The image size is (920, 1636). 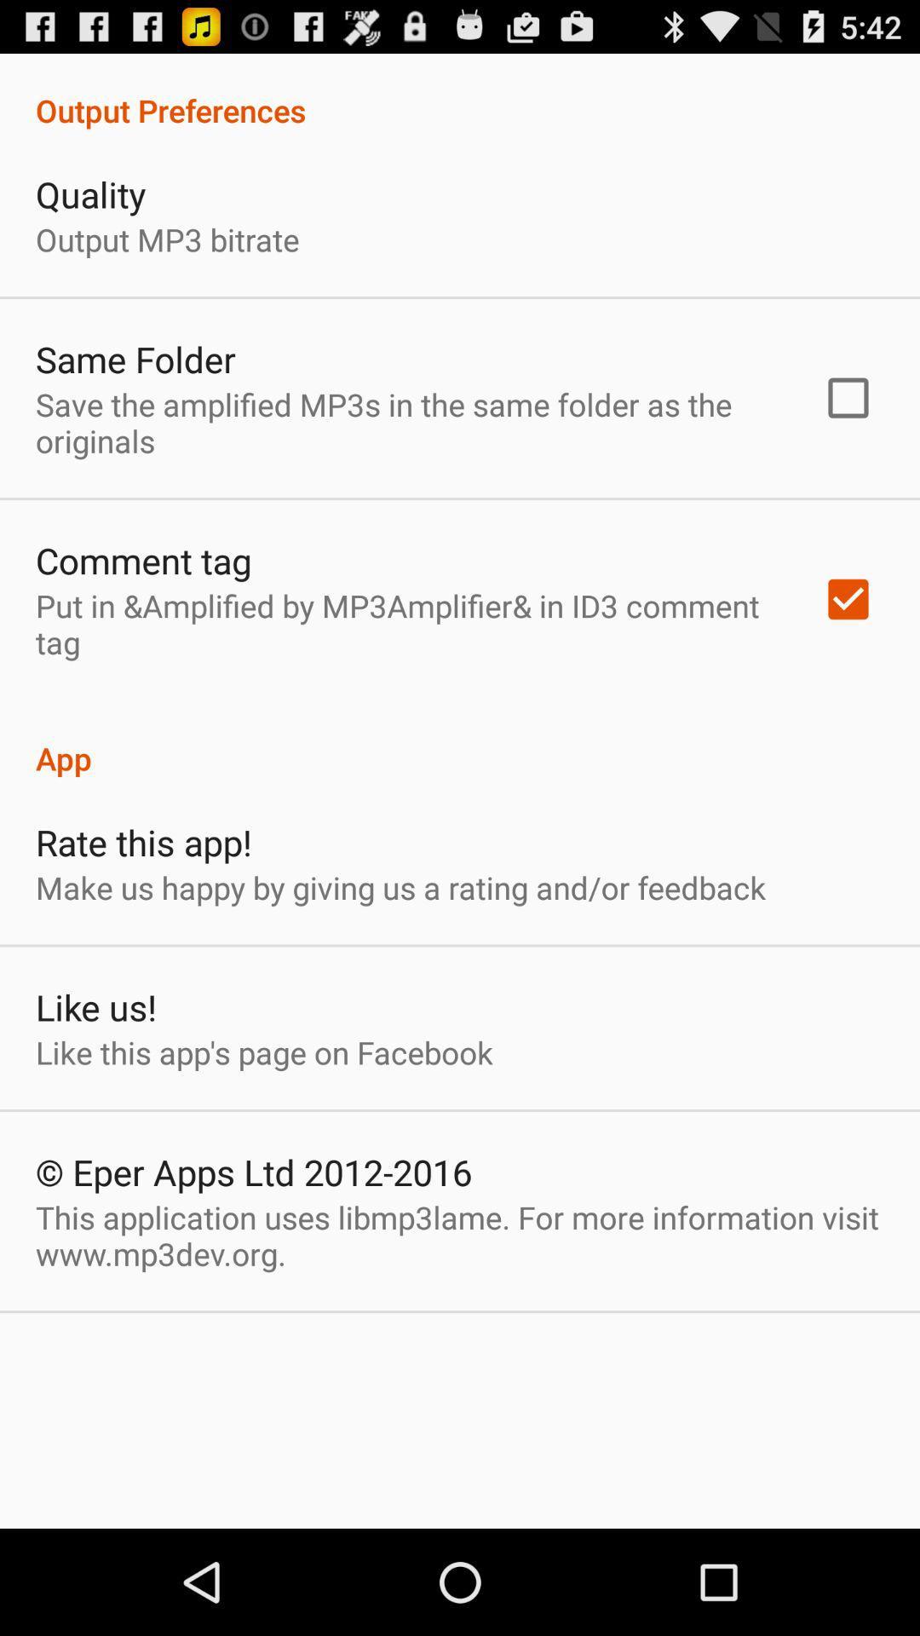 What do you see at coordinates (400, 886) in the screenshot?
I see `the app above like us!` at bounding box center [400, 886].